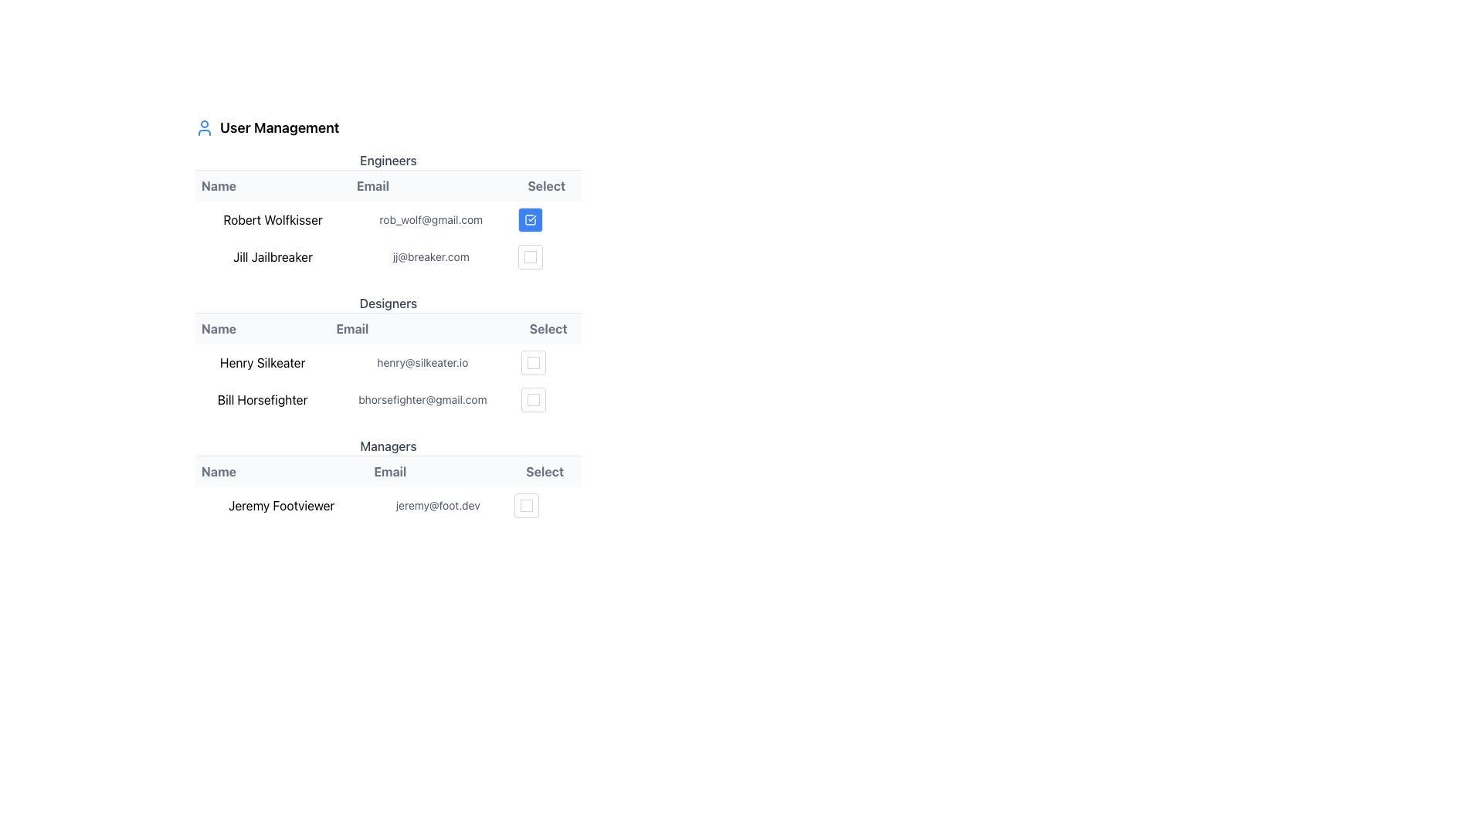 This screenshot has height=834, width=1483. I want to click on the checkbox associated with 'Bill Horsefighter', so click(534, 398).